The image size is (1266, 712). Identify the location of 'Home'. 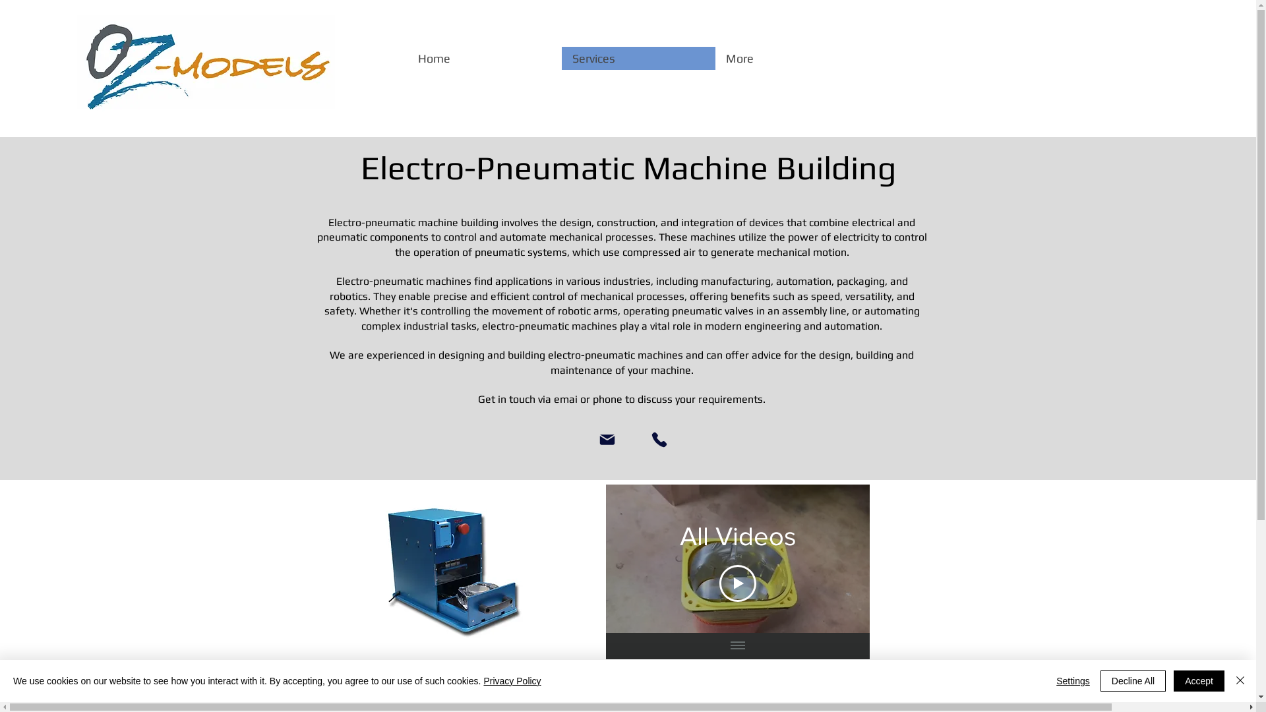
(483, 57).